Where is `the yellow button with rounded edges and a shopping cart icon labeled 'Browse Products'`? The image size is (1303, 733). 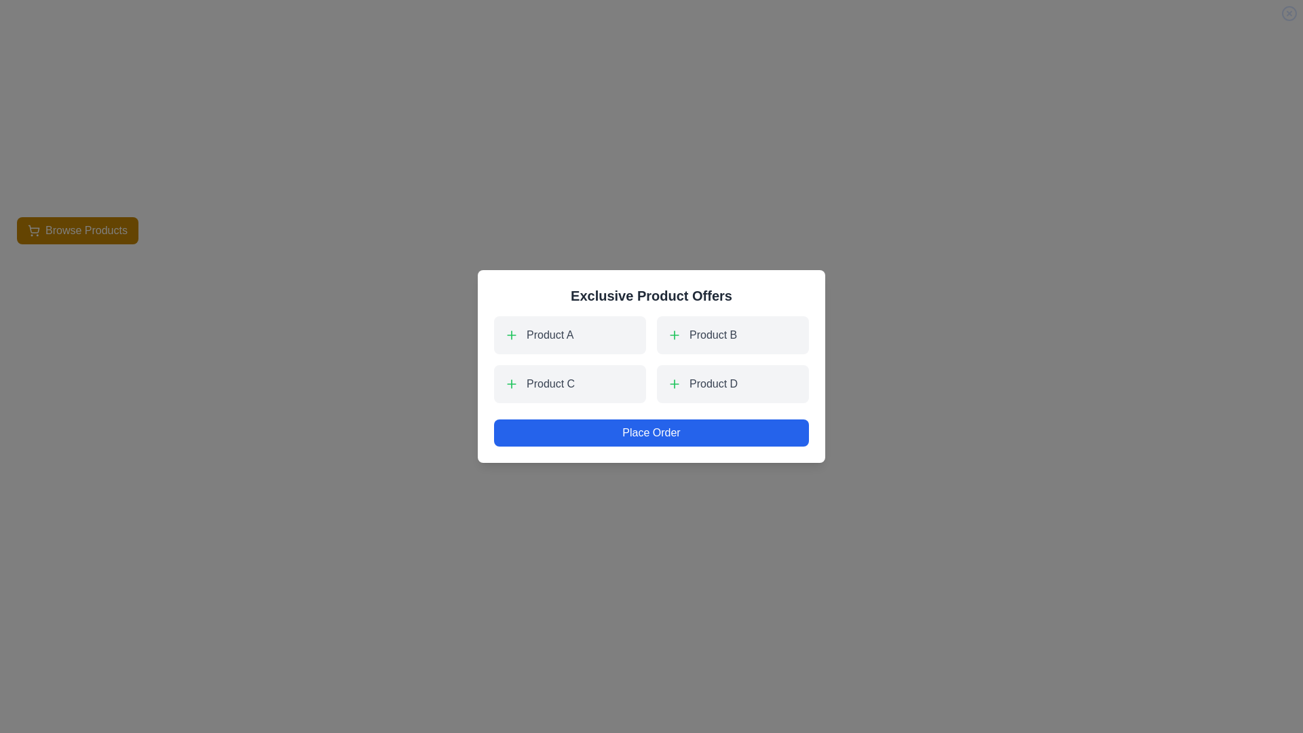
the yellow button with rounded edges and a shopping cart icon labeled 'Browse Products' is located at coordinates (77, 229).